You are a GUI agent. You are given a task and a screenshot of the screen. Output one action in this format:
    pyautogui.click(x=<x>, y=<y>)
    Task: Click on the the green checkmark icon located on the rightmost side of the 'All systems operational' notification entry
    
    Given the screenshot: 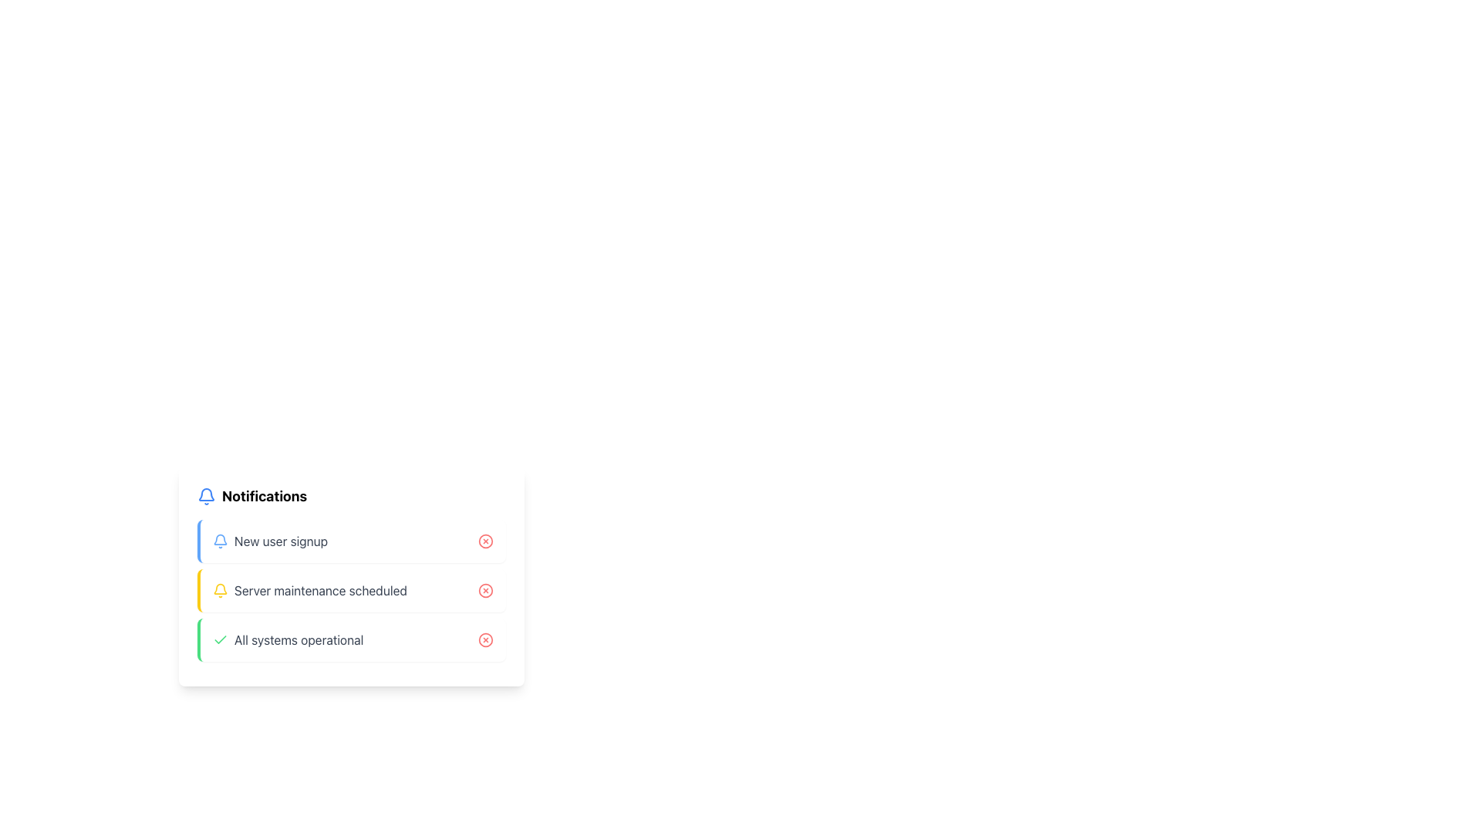 What is the action you would take?
    pyautogui.click(x=220, y=639)
    